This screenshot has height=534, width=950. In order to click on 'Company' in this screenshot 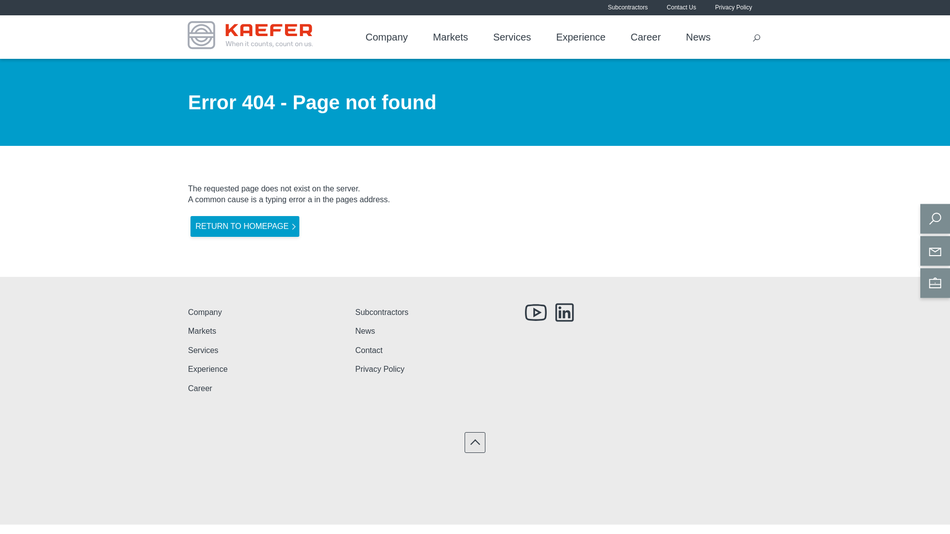, I will do `click(386, 37)`.